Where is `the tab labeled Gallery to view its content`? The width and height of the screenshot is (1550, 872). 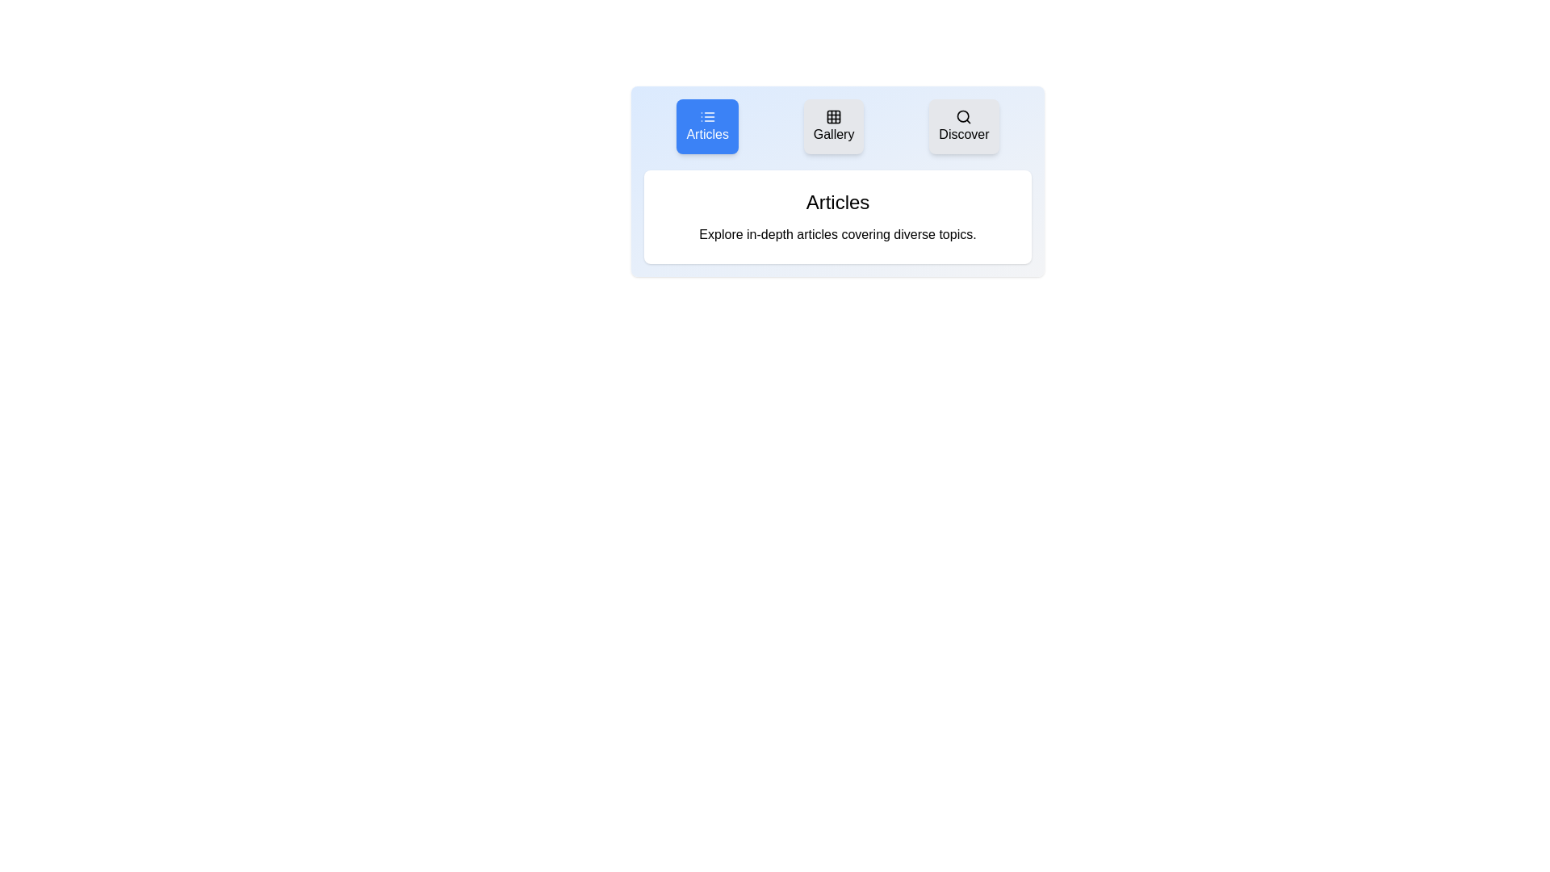 the tab labeled Gallery to view its content is located at coordinates (834, 126).